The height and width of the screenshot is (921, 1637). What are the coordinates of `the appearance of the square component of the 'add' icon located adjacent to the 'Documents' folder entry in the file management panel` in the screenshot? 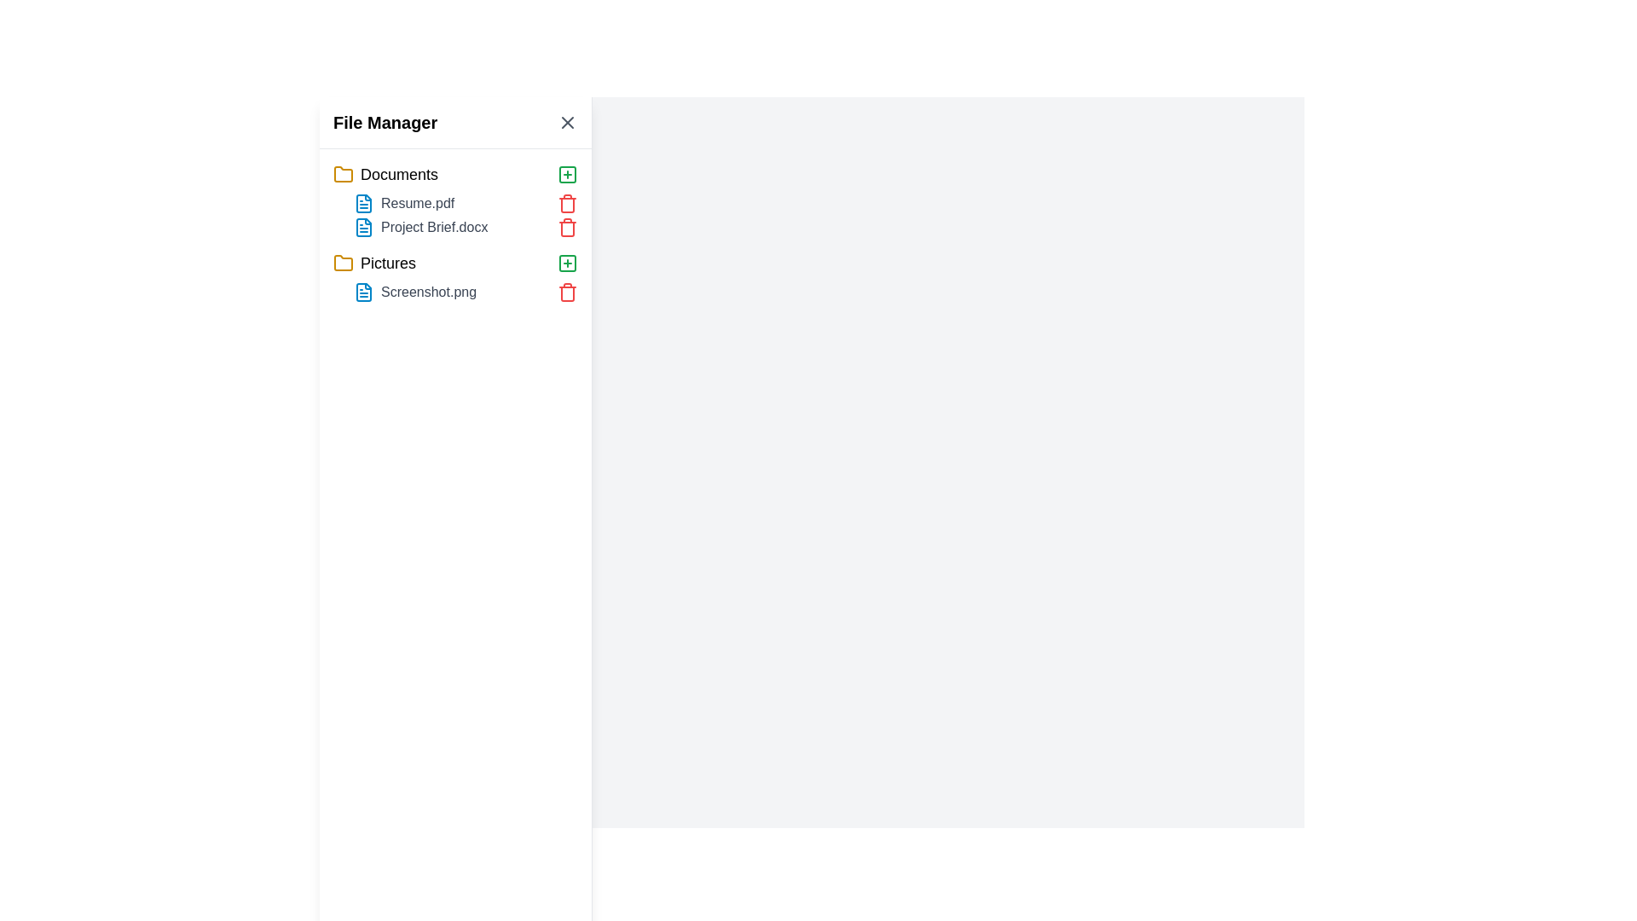 It's located at (568, 263).